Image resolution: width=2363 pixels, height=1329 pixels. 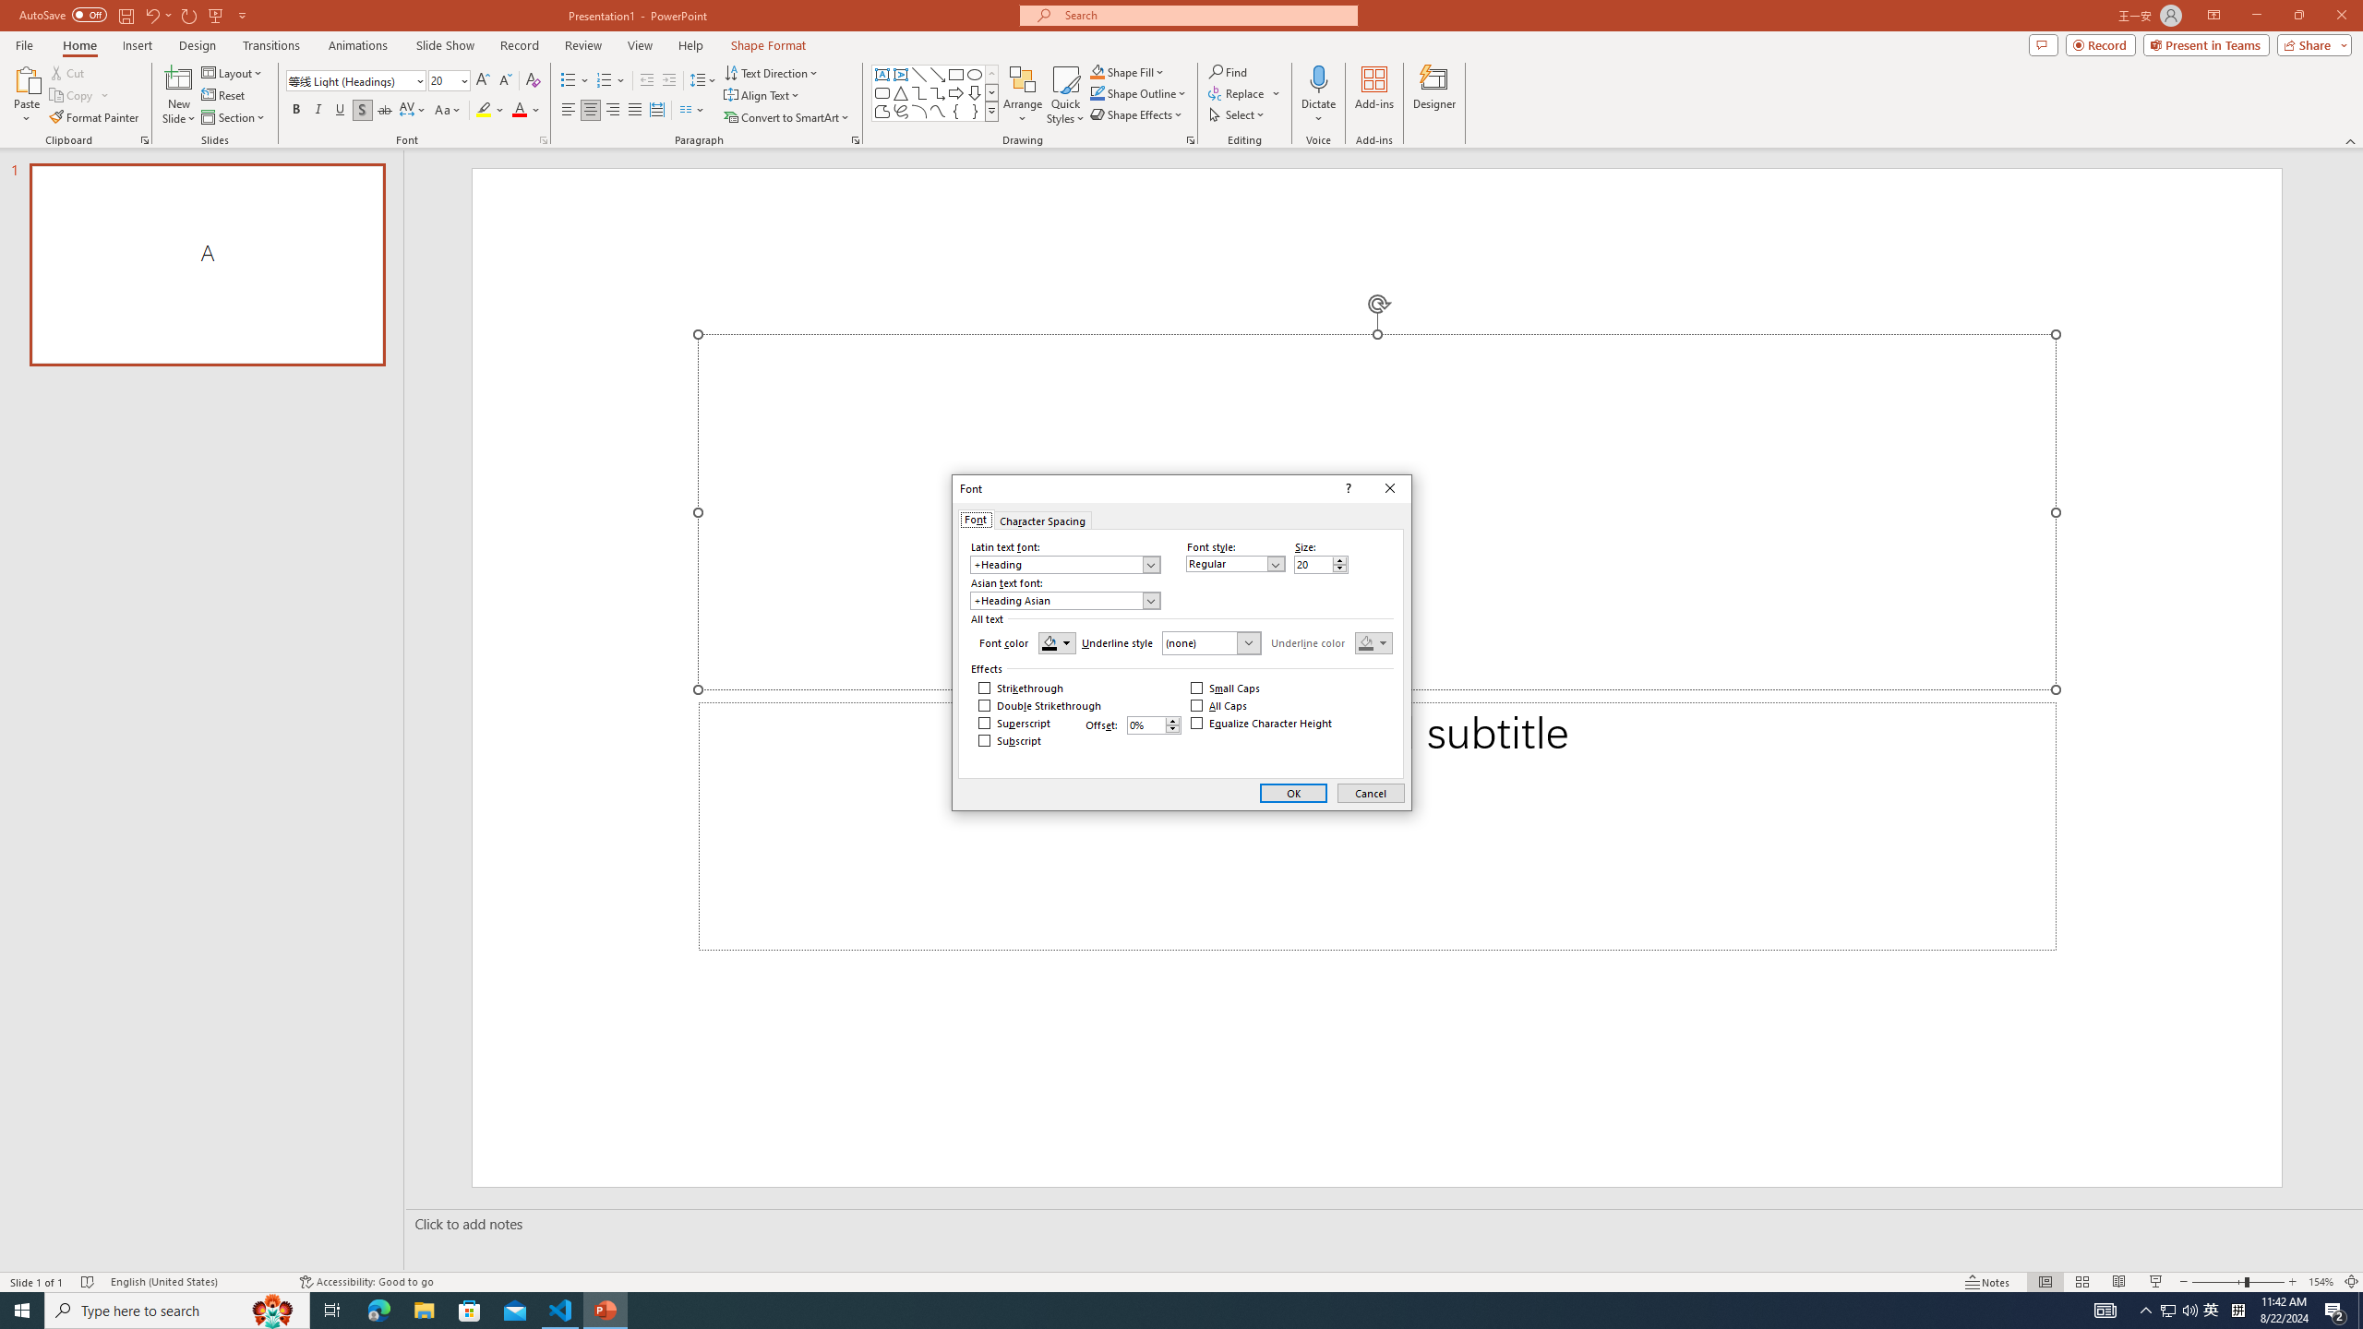 What do you see at coordinates (470, 1309) in the screenshot?
I see `'Microsoft Store'` at bounding box center [470, 1309].